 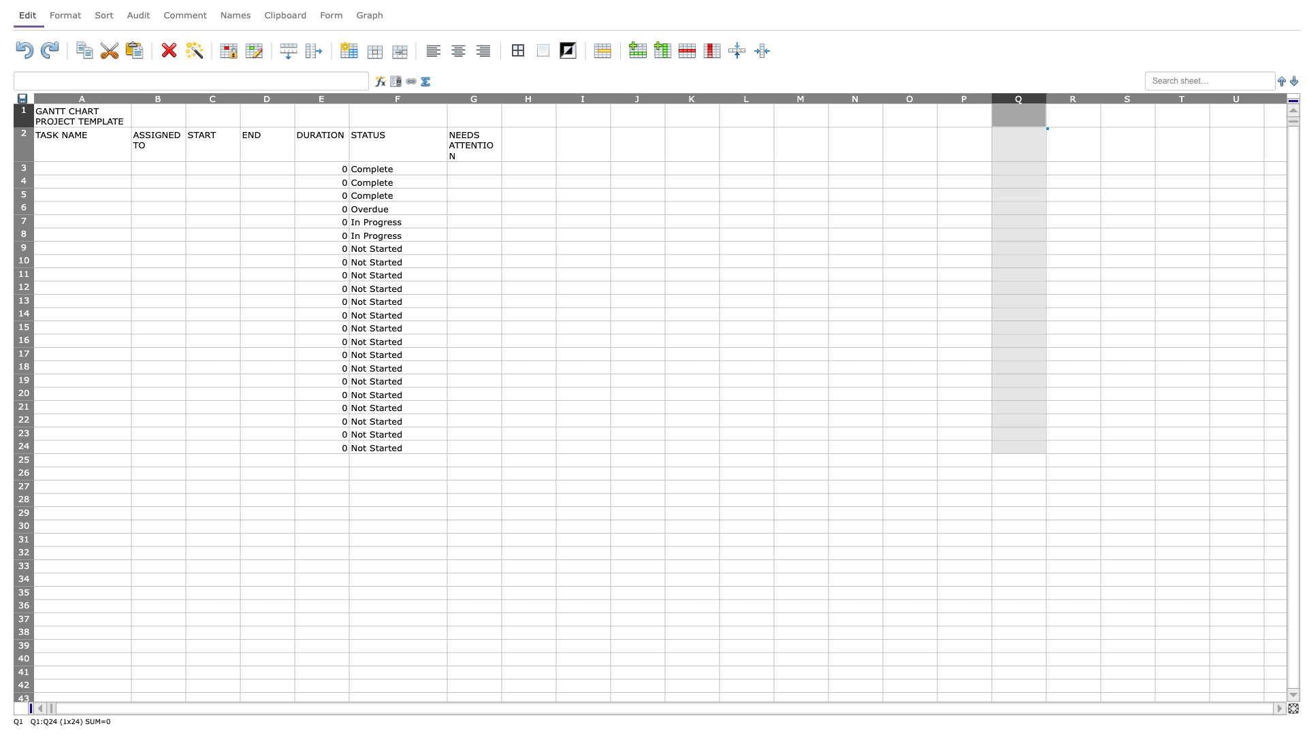 What do you see at coordinates (1101, 97) in the screenshot?
I see `Place cursor on column R's resize area` at bounding box center [1101, 97].